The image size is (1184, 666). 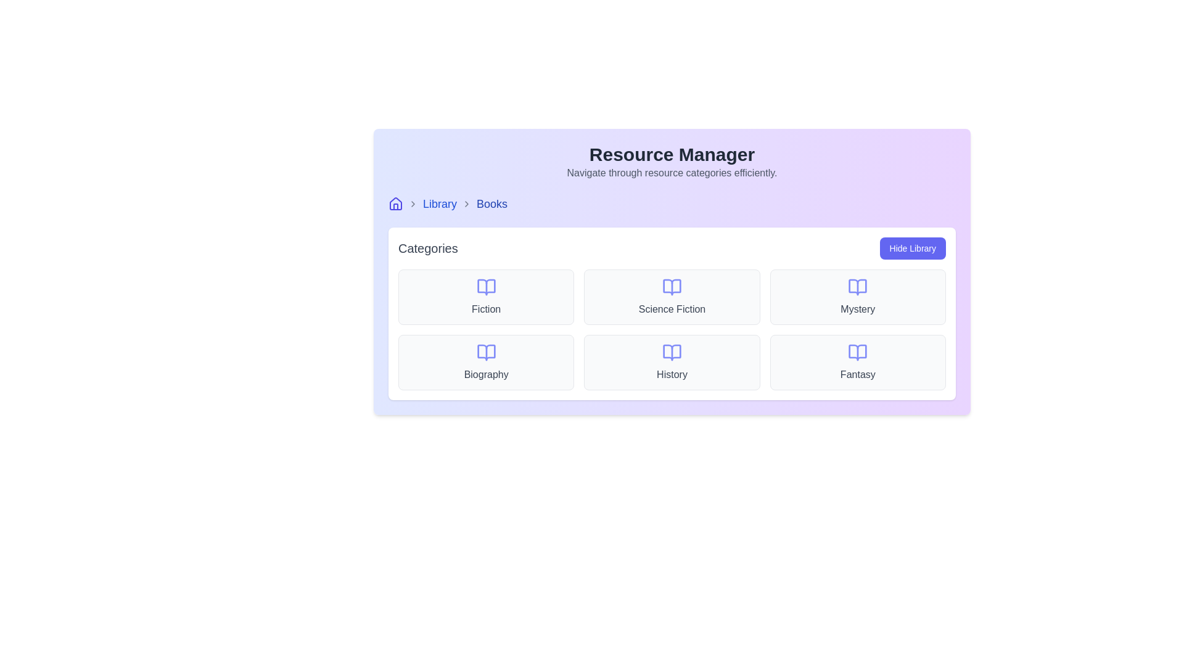 I want to click on the open book icon styled in light indigo color, located above the 'History' label in the fourth tile of the category grid layout, so click(x=671, y=352).